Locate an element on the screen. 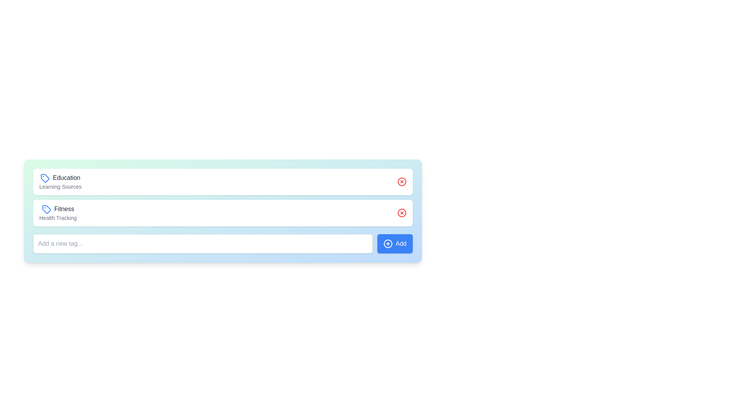  the red circular SVG shape that is part of the delete button associated with the 'Fitness' tag row is located at coordinates (401, 213).